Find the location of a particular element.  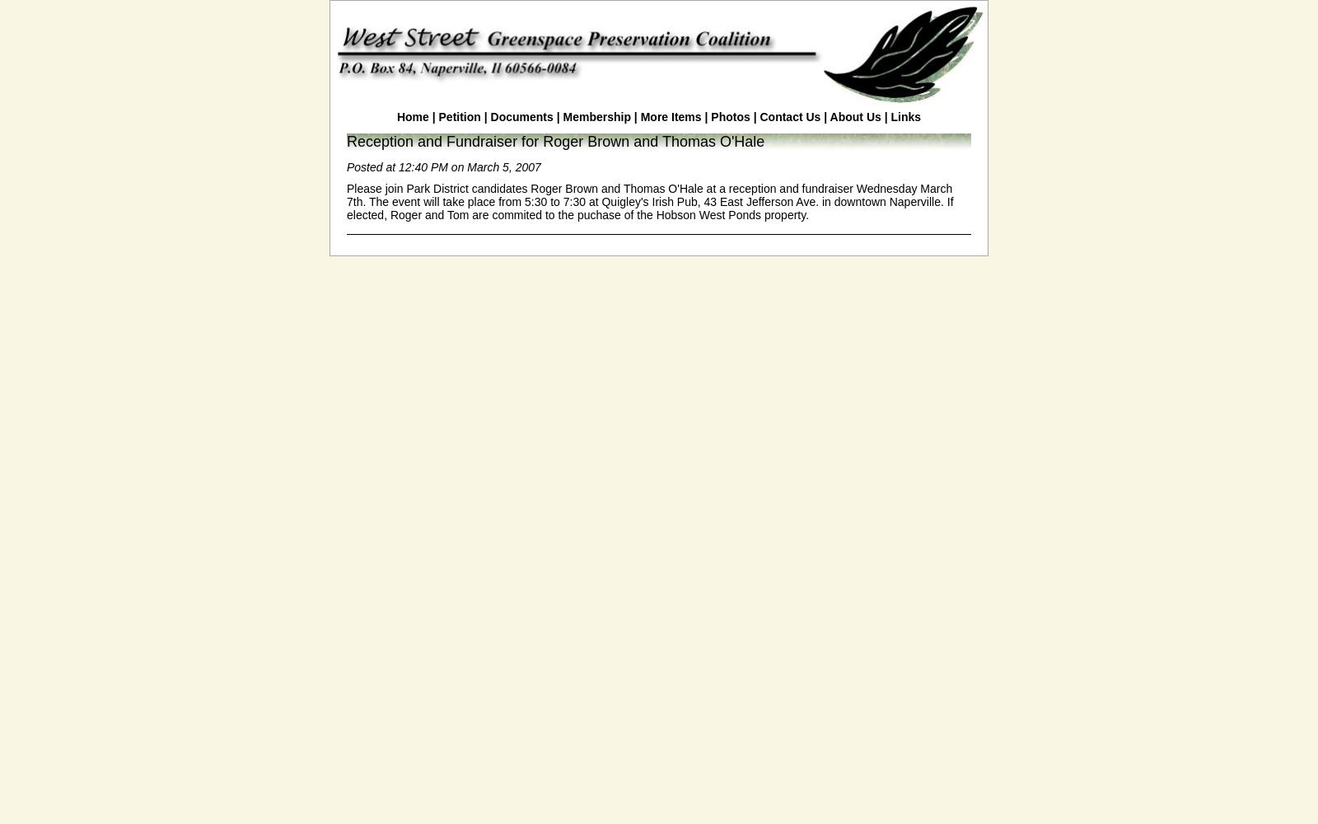

'Home' is located at coordinates (411, 117).